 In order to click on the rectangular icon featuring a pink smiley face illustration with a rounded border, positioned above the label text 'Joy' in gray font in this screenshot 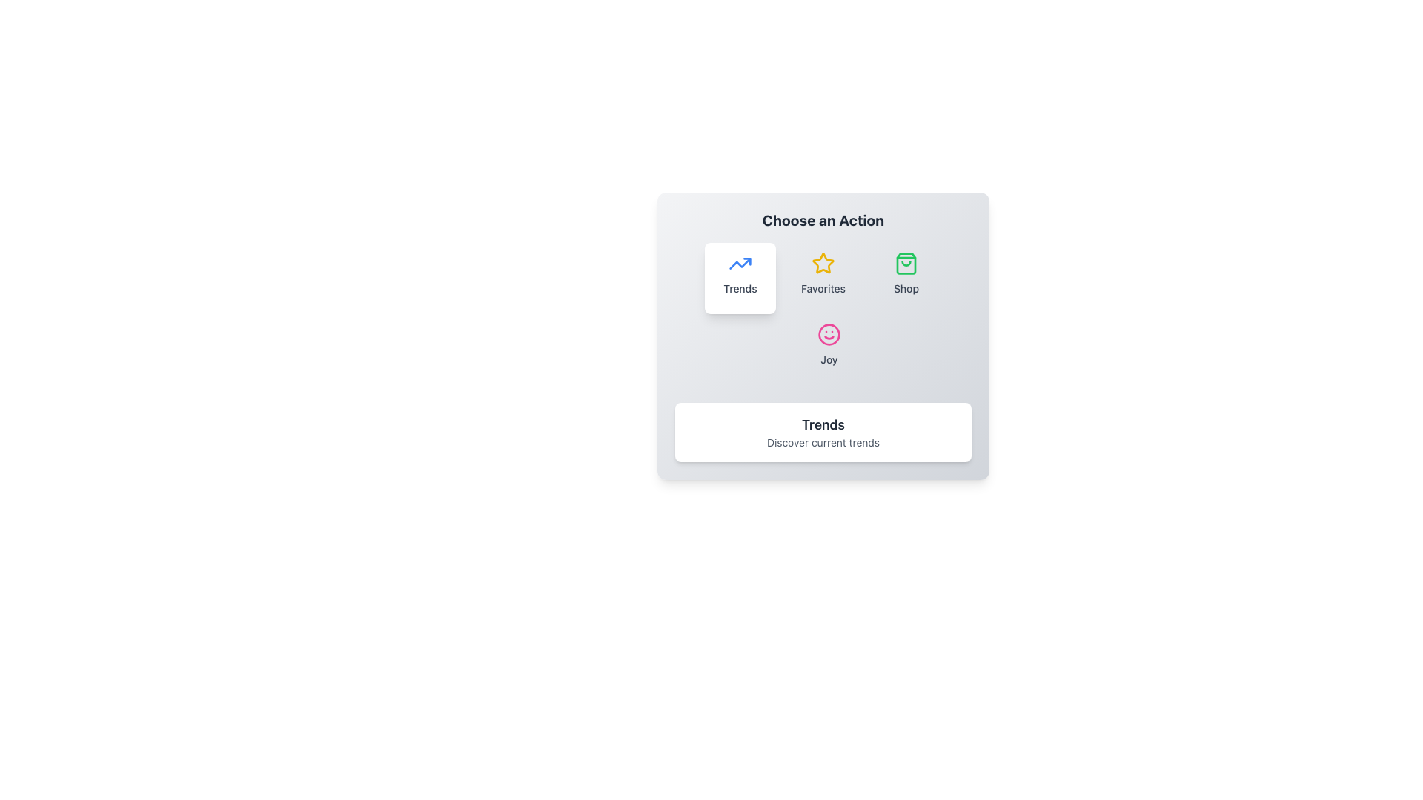, I will do `click(828, 349)`.